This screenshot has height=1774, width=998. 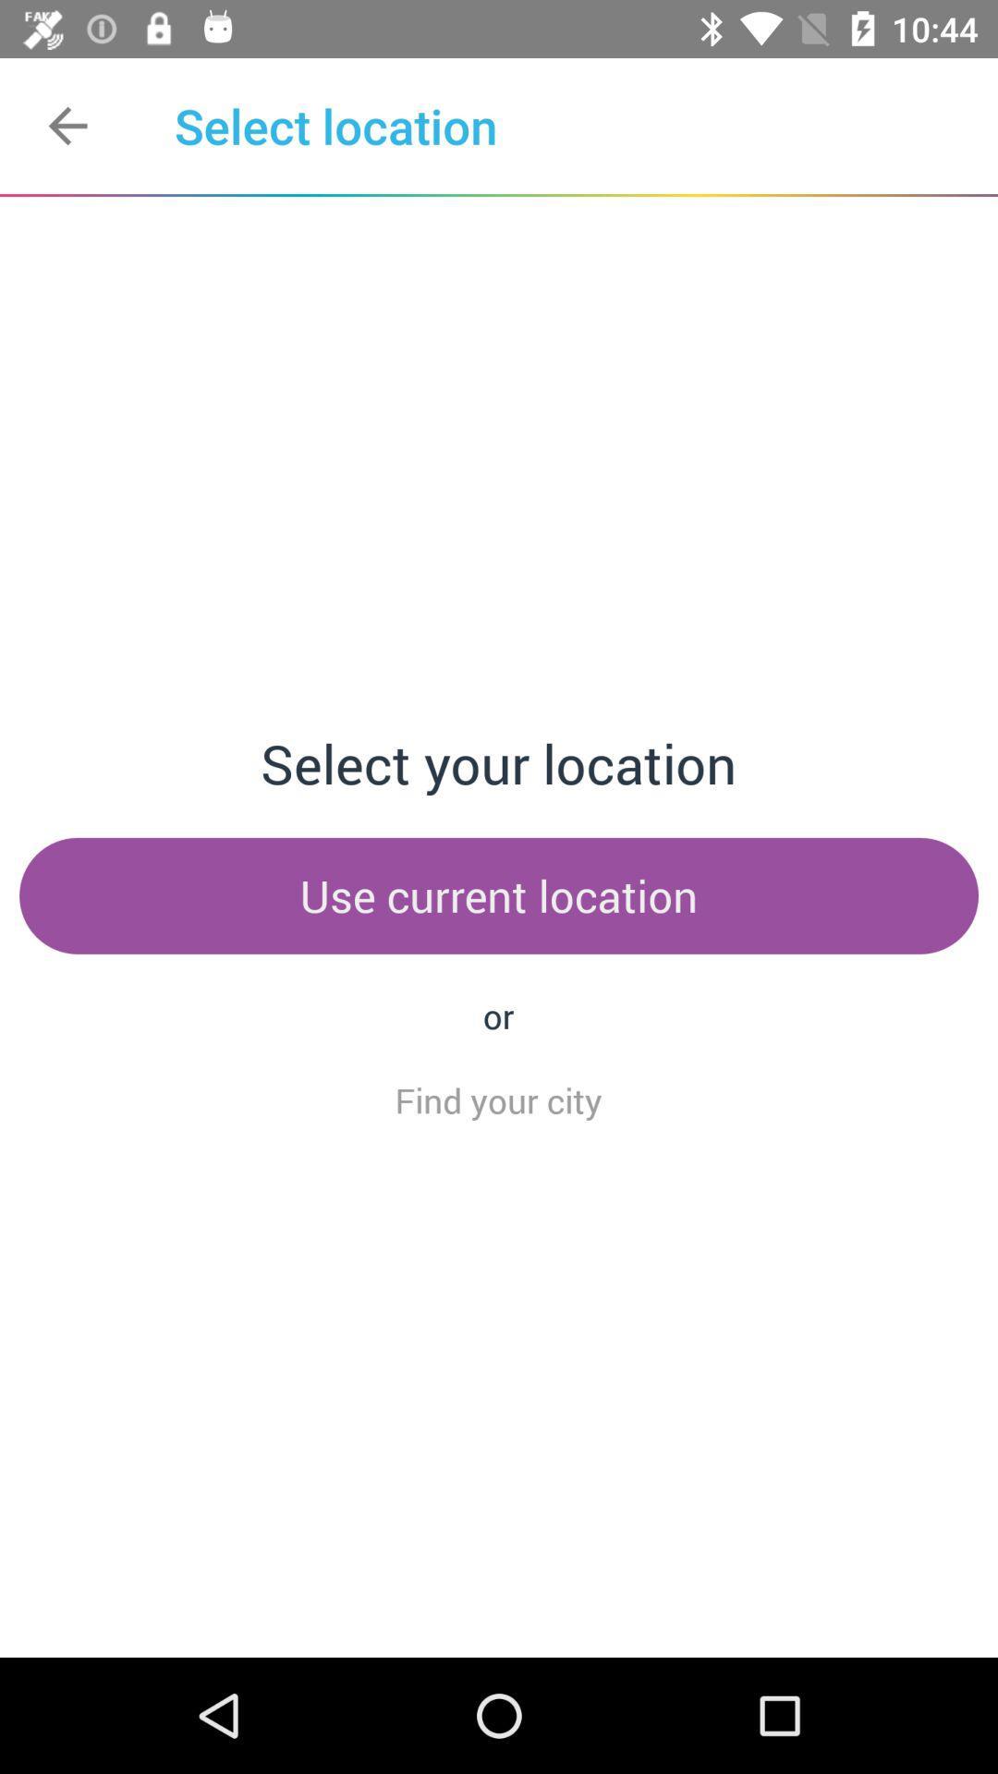 What do you see at coordinates (67, 125) in the screenshot?
I see `the icon at the top left corner` at bounding box center [67, 125].